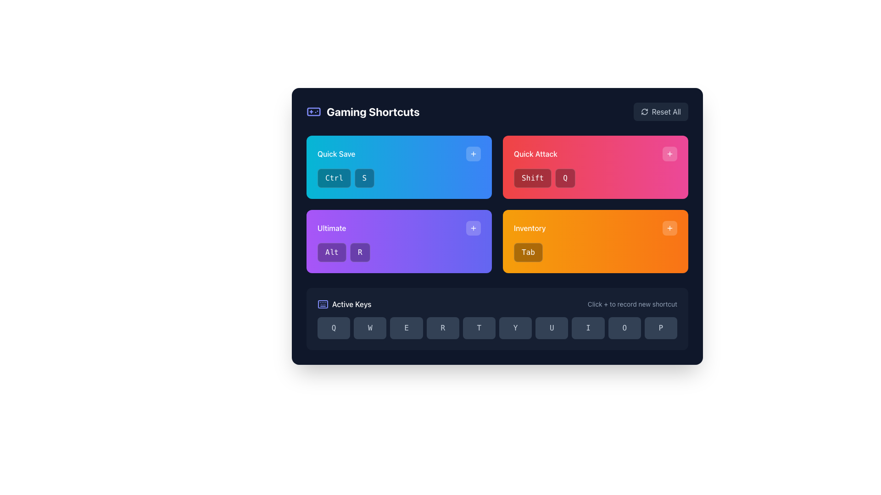 The width and height of the screenshot is (881, 495). I want to click on the keyboard shortcut display element, which shows the 'Alt' and 'R' keys, located in the lower section of the purple 'Ultimate' card in the grid layout, so click(399, 253).